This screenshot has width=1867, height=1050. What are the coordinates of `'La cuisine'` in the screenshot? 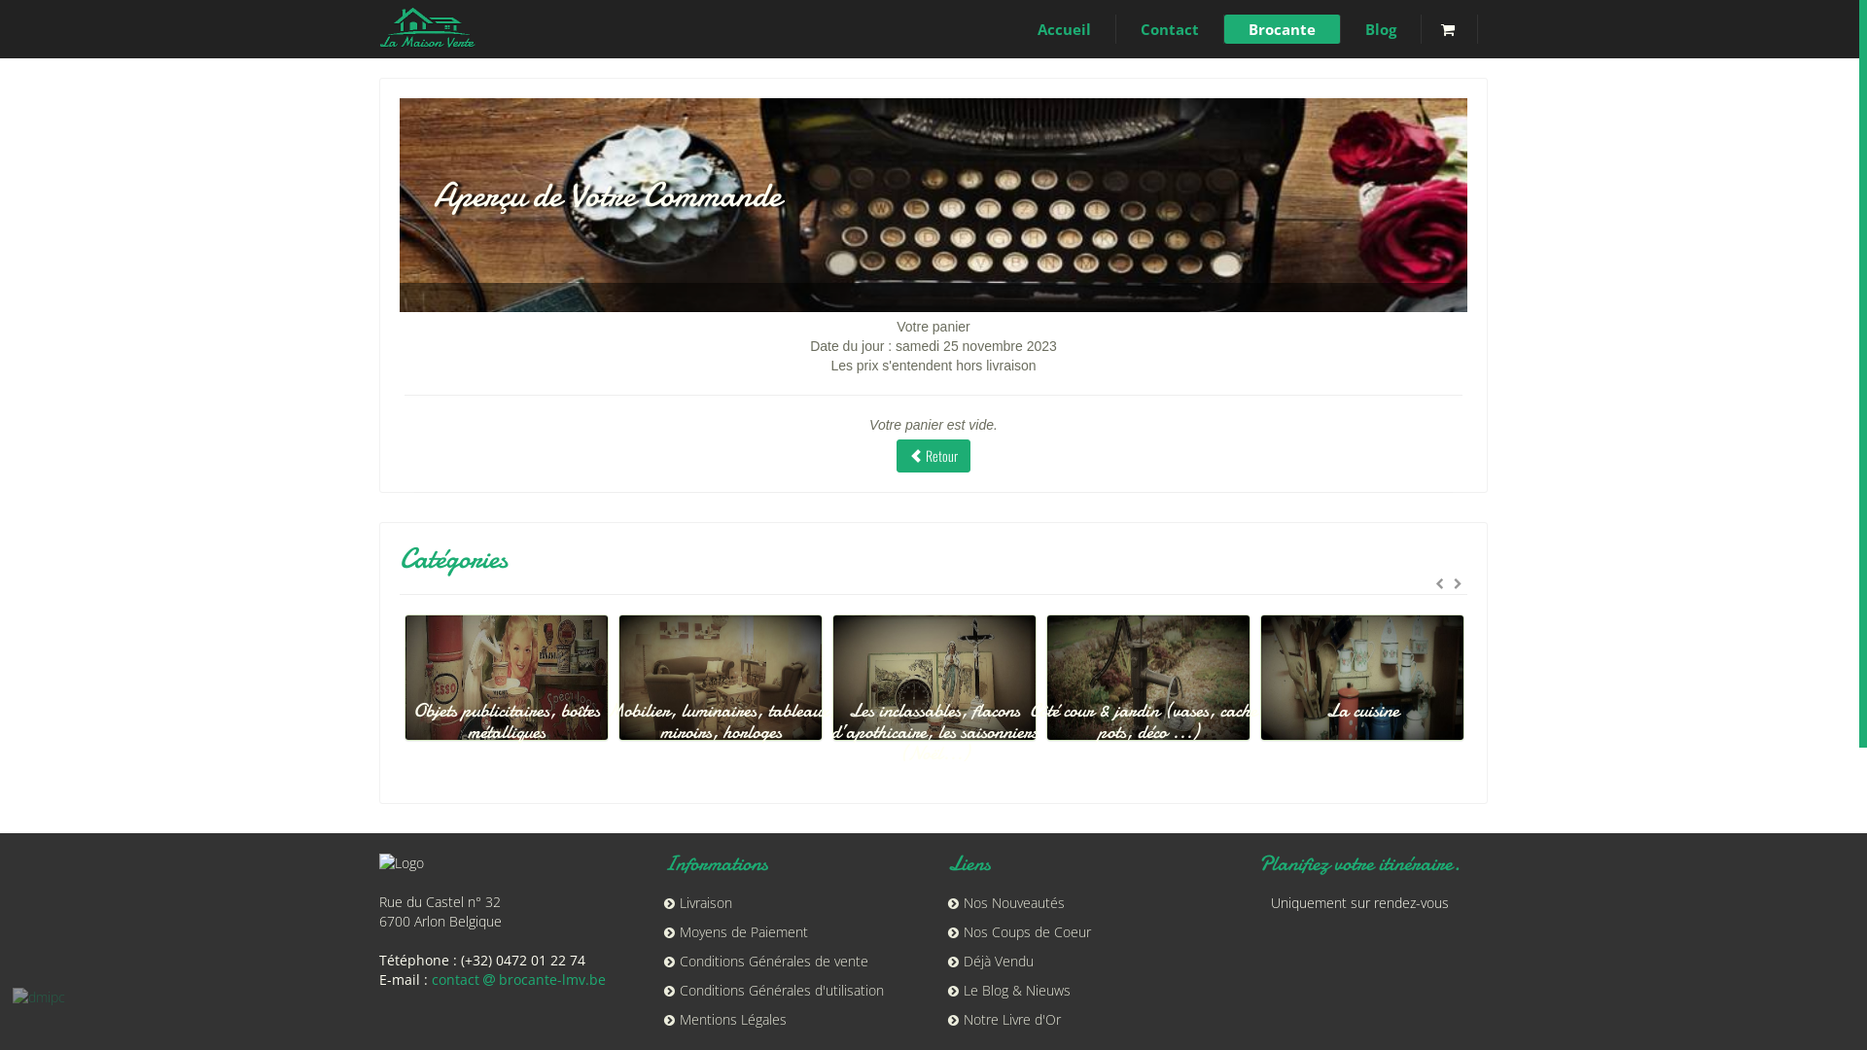 It's located at (1419, 697).